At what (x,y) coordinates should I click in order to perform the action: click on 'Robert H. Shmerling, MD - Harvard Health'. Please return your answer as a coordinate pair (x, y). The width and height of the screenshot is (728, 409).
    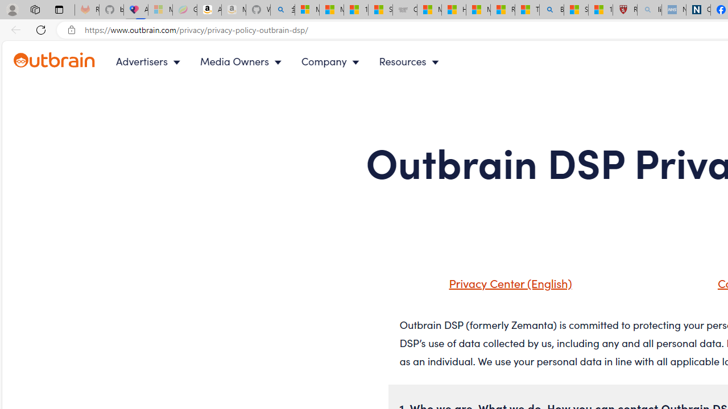
    Looking at the image, I should click on (624, 10).